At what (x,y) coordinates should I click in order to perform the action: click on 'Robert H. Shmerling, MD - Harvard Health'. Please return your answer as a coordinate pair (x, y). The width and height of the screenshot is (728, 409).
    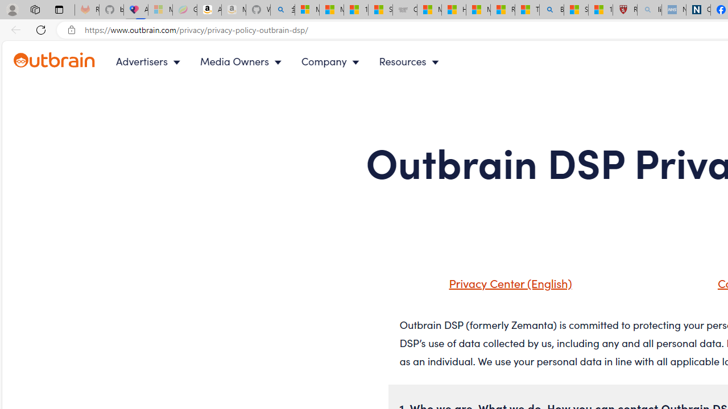
    Looking at the image, I should click on (624, 10).